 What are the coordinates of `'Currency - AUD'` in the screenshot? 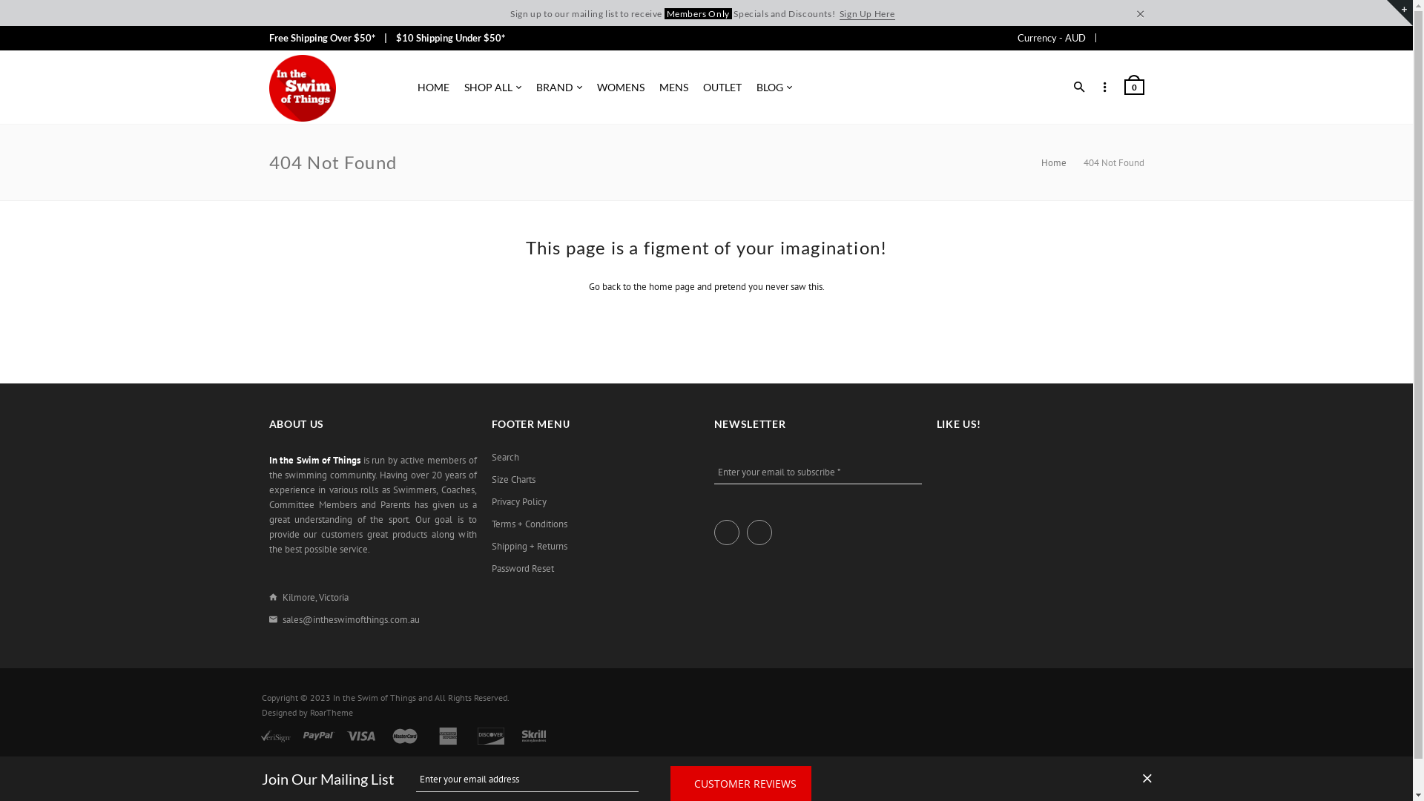 It's located at (1017, 36).